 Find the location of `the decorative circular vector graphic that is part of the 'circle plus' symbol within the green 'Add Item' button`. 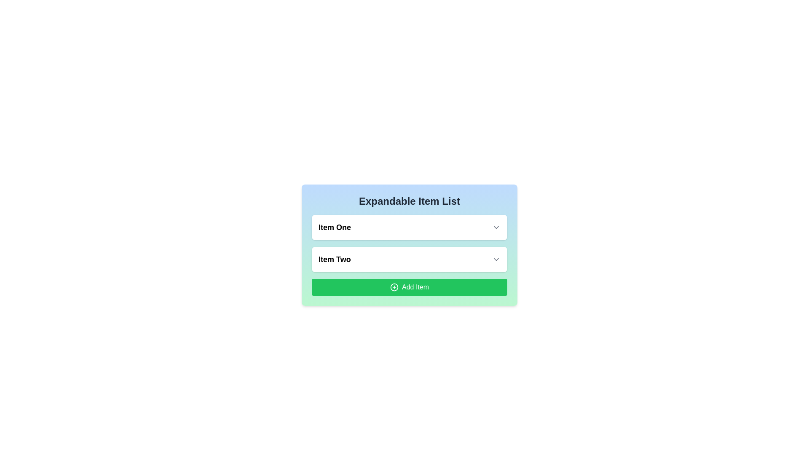

the decorative circular vector graphic that is part of the 'circle plus' symbol within the green 'Add Item' button is located at coordinates (394, 287).